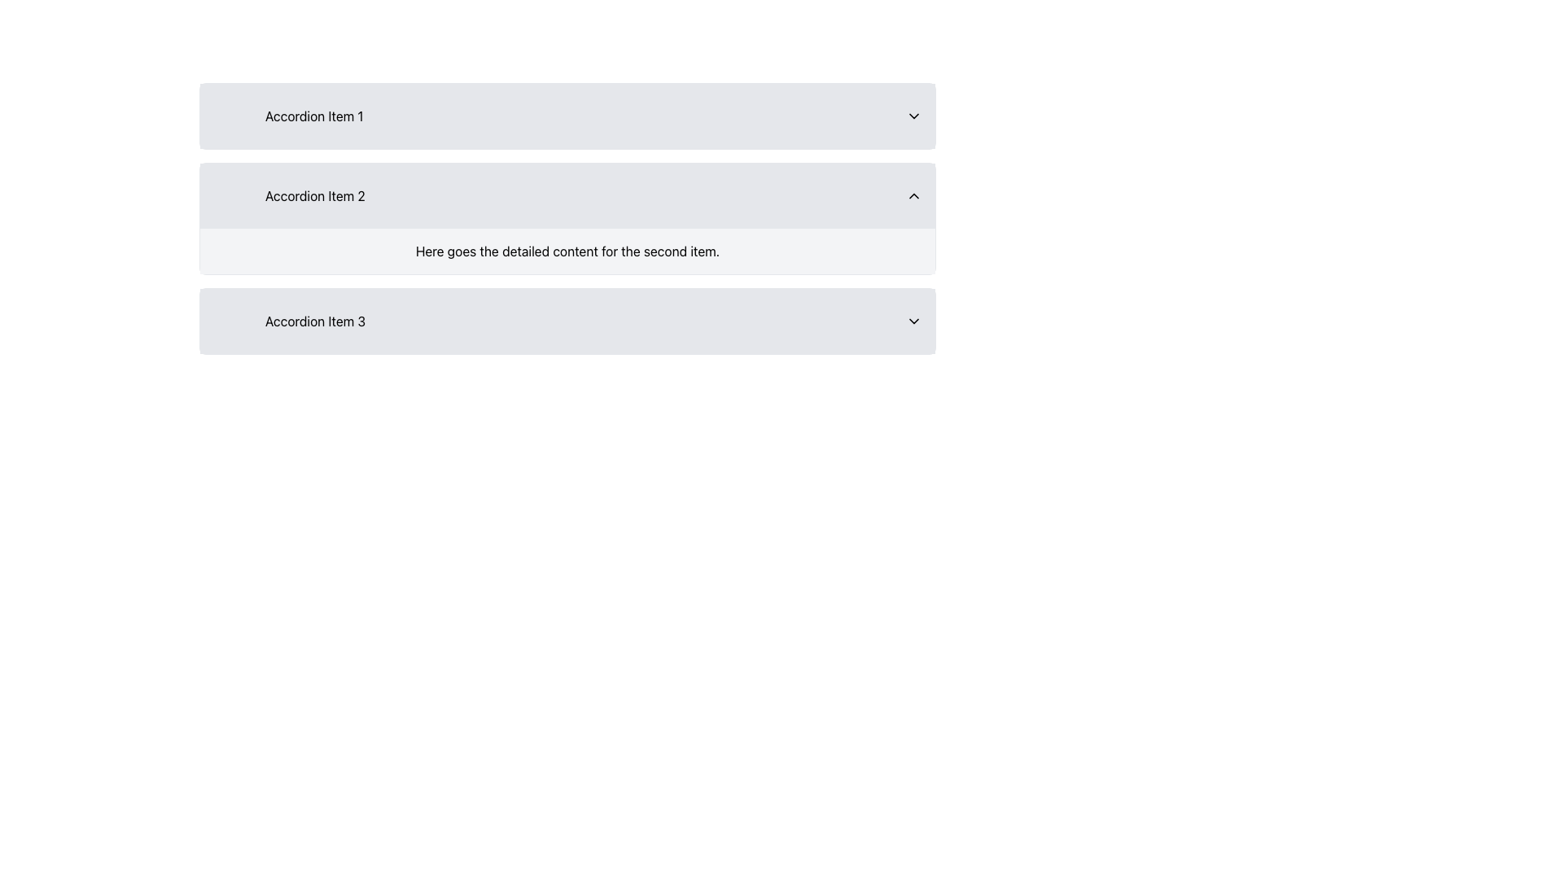  I want to click on the Accordion header labeled 'Accordion Item 3', so click(567, 321).